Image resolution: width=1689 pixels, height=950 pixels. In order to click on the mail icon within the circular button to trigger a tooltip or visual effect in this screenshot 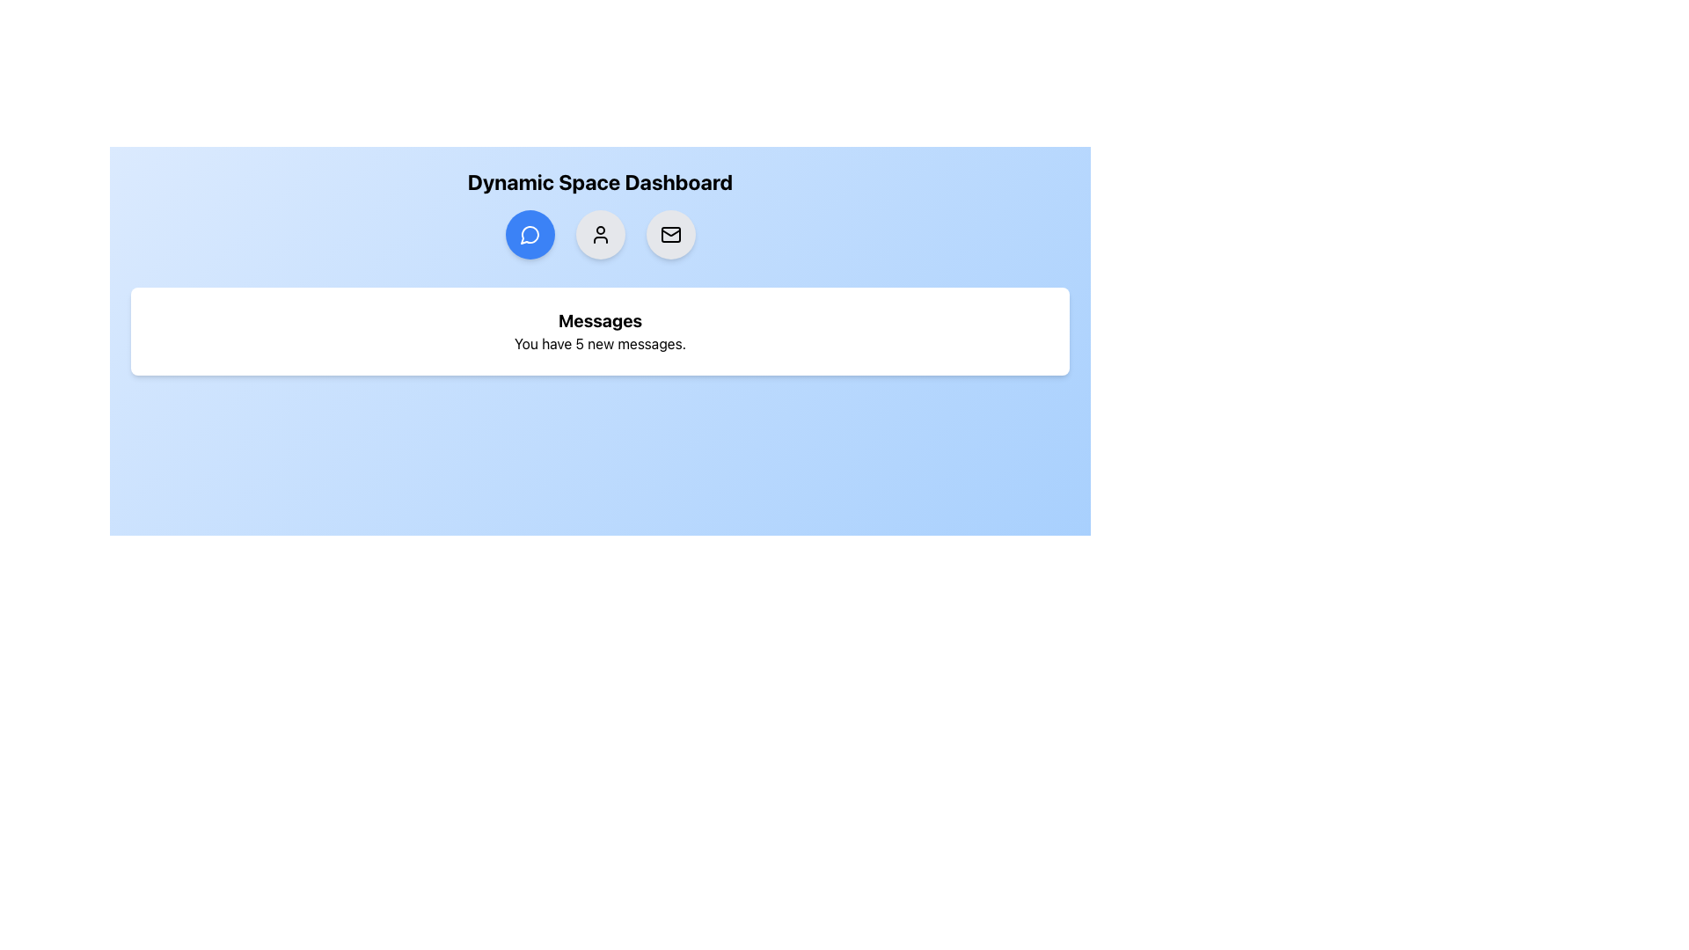, I will do `click(669, 233)`.